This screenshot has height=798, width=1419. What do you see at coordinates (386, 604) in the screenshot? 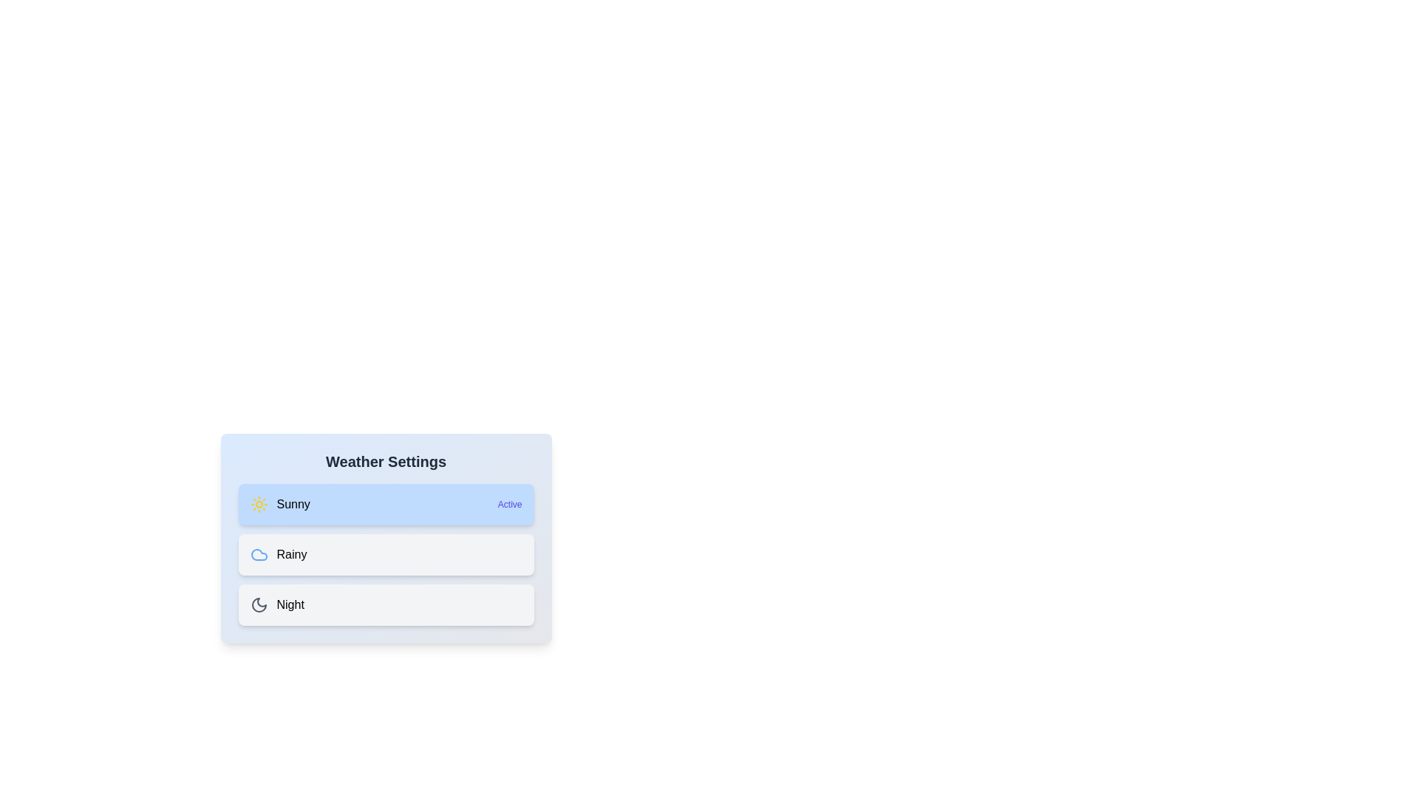
I see `the weather option Night by clicking on its respective list item` at bounding box center [386, 604].